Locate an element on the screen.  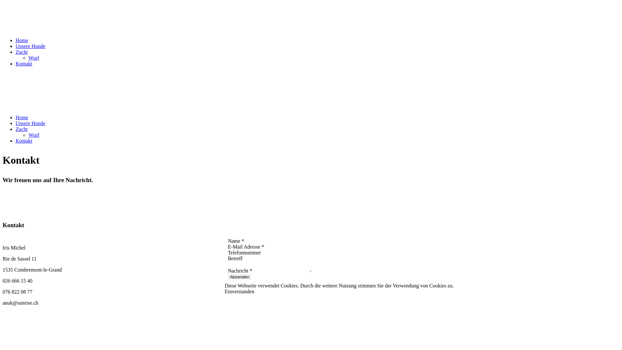
'Kontakt' is located at coordinates (16, 140).